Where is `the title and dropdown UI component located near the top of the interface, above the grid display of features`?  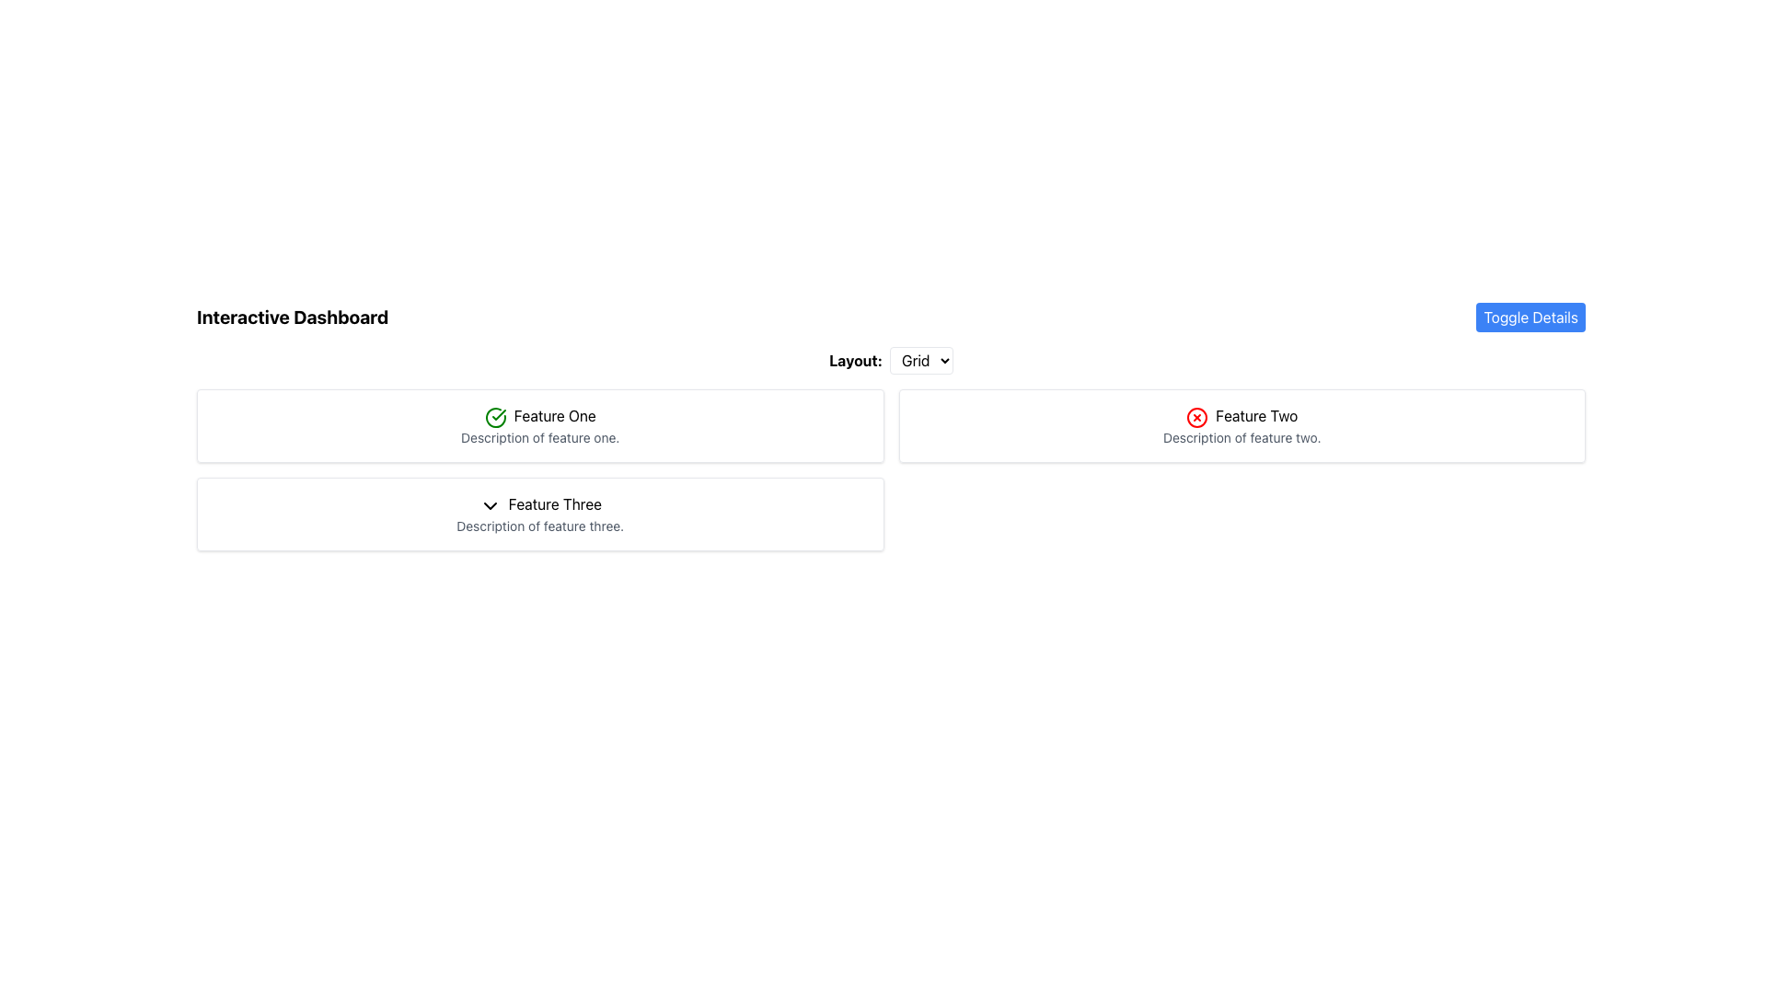 the title and dropdown UI component located near the top of the interface, above the grid display of features is located at coordinates (891, 361).